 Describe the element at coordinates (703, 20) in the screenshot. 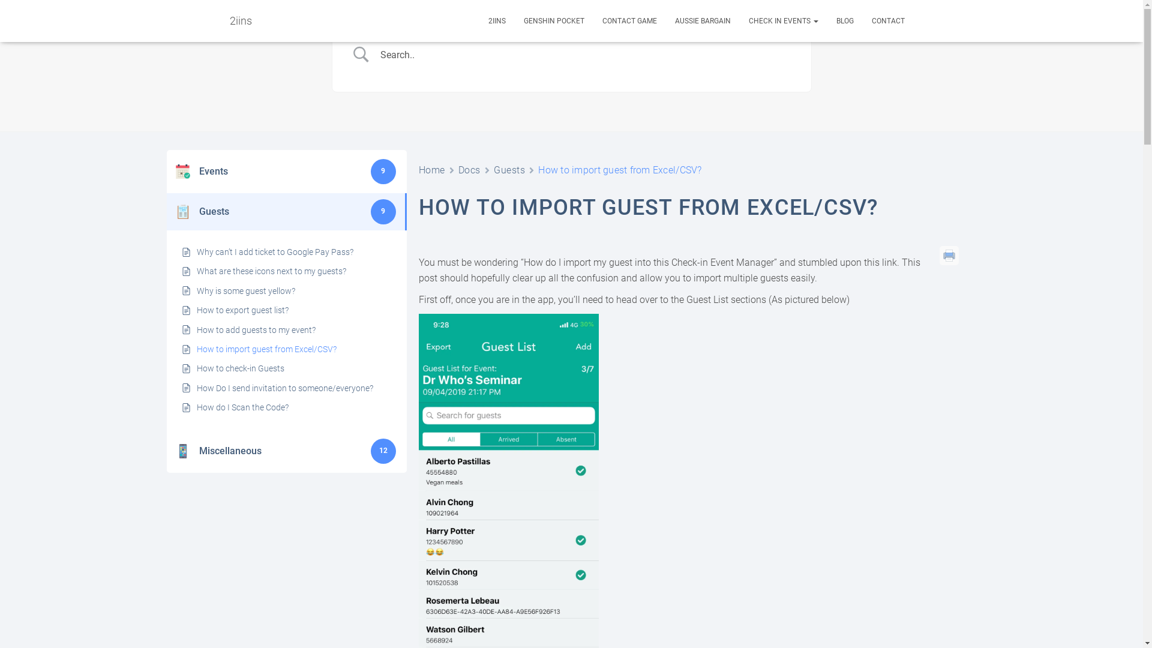

I see `'AUSSIE BARGAIN'` at that location.